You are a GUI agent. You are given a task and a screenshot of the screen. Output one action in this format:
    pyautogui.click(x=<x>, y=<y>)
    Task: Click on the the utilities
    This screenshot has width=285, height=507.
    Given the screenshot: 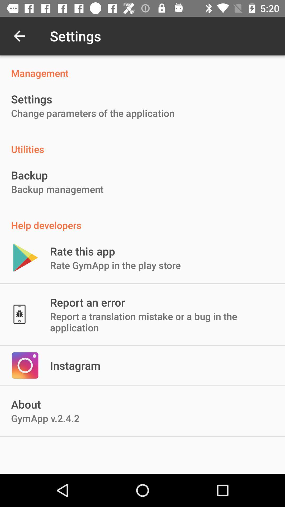 What is the action you would take?
    pyautogui.click(x=142, y=143)
    